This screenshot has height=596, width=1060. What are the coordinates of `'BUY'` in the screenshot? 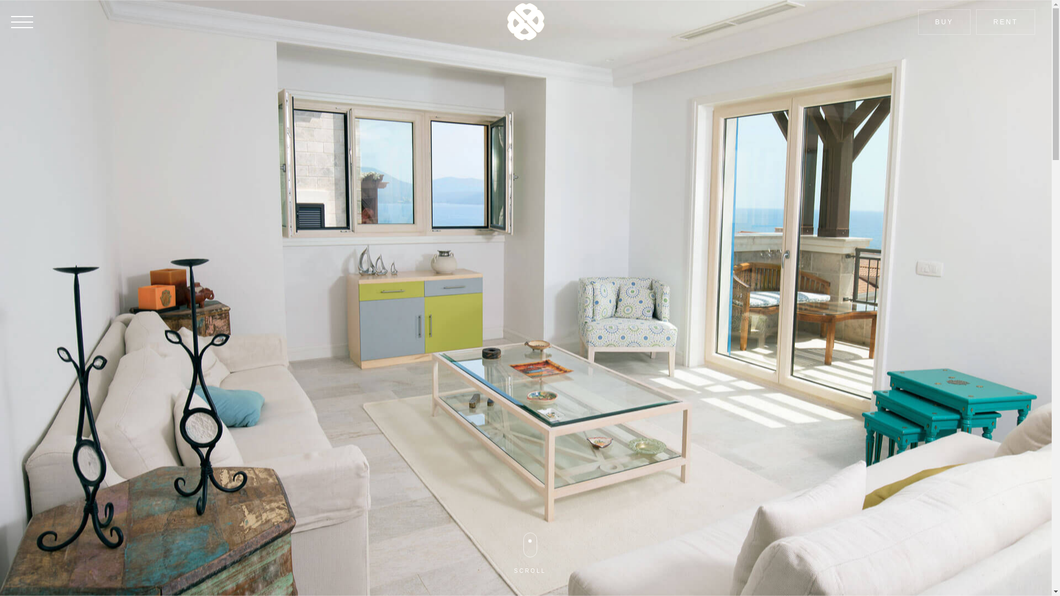 It's located at (944, 22).